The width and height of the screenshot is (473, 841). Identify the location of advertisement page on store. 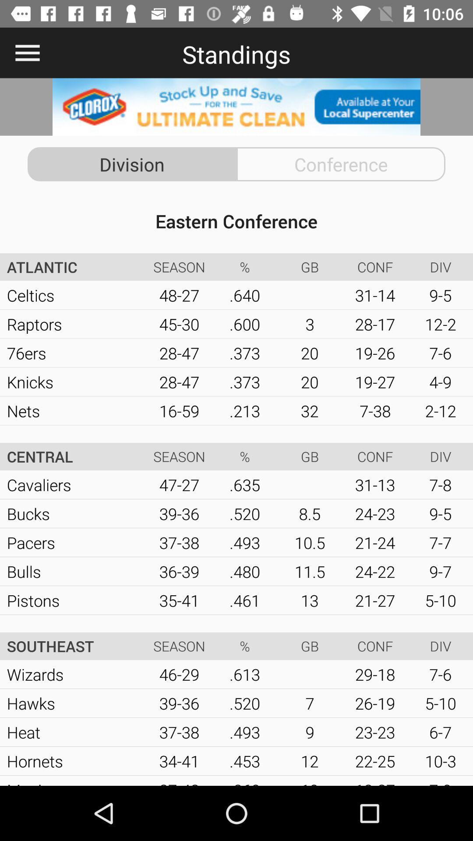
(236, 106).